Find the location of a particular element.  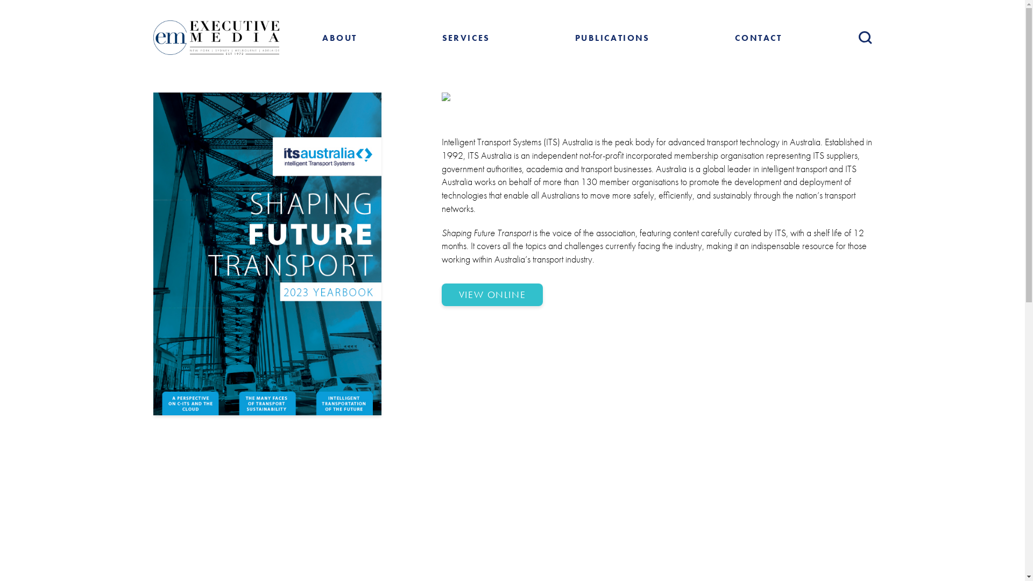

'SERVICES' is located at coordinates (442, 37).